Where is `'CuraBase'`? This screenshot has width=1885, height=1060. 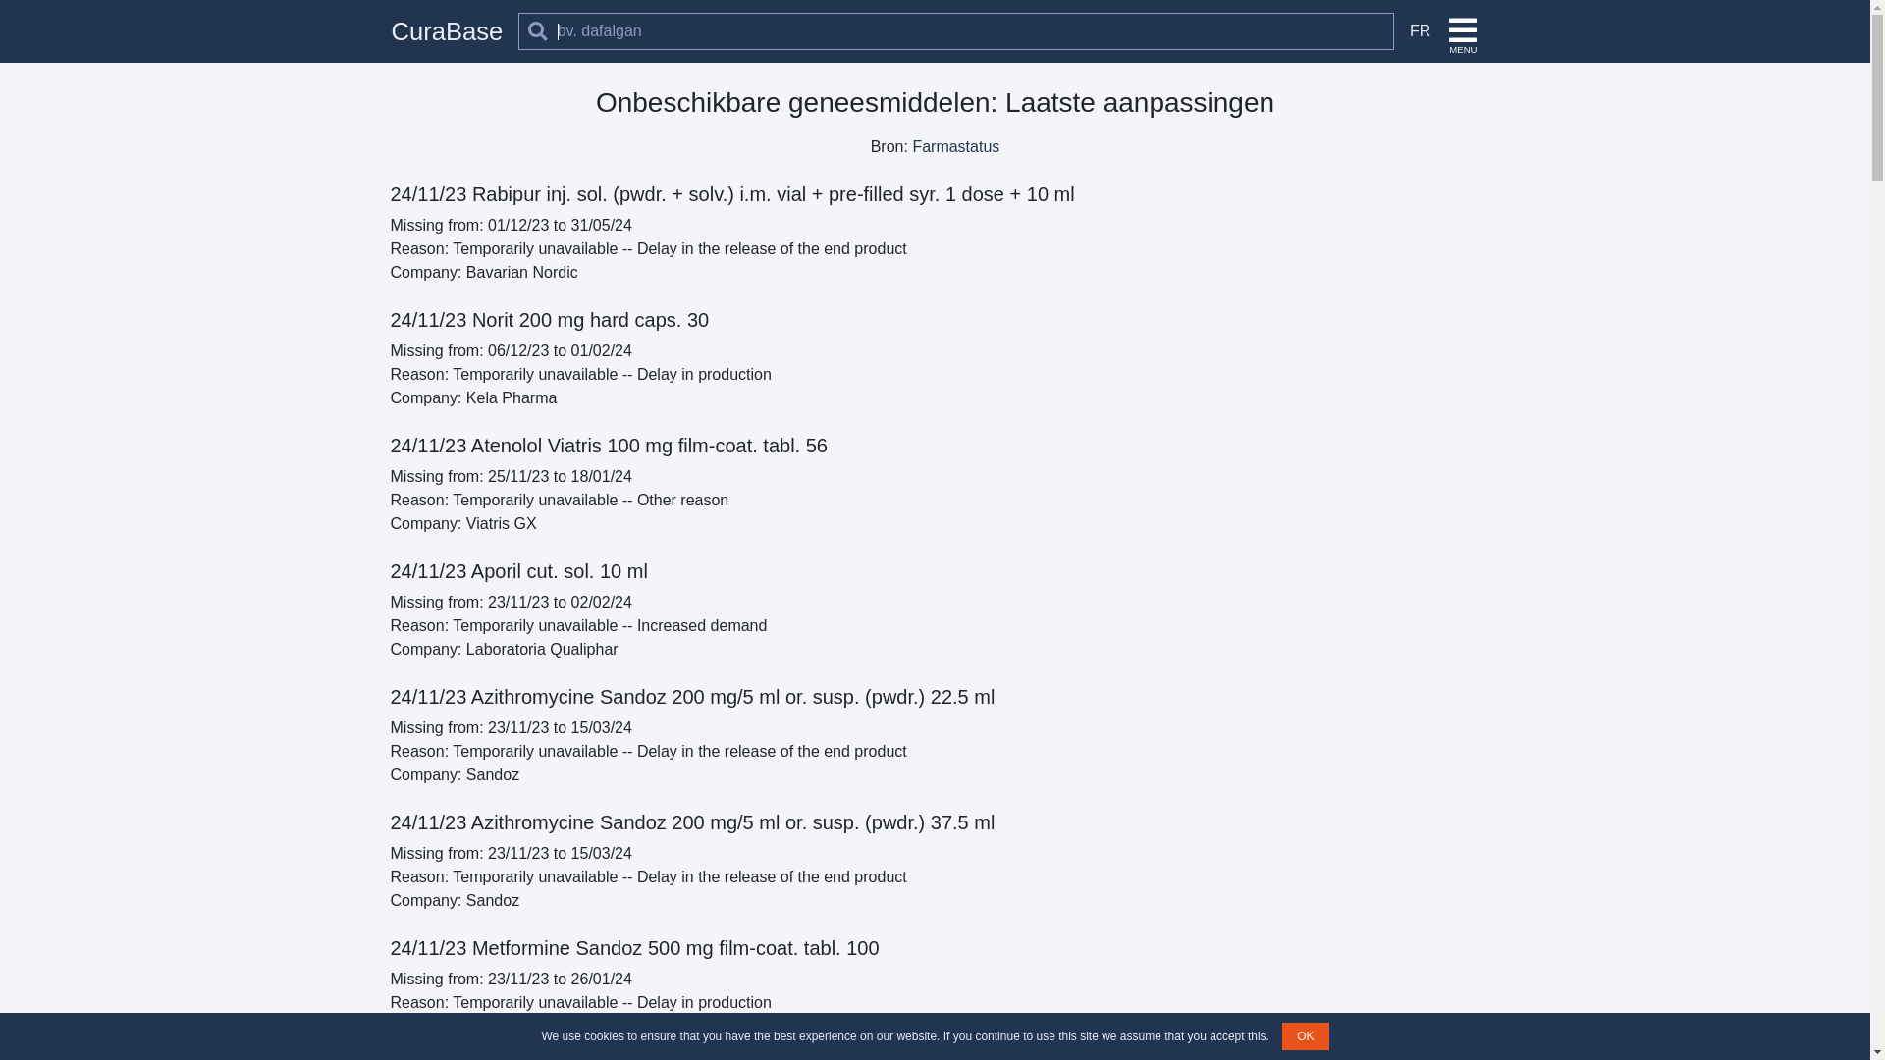 'CuraBase' is located at coordinates (446, 30).